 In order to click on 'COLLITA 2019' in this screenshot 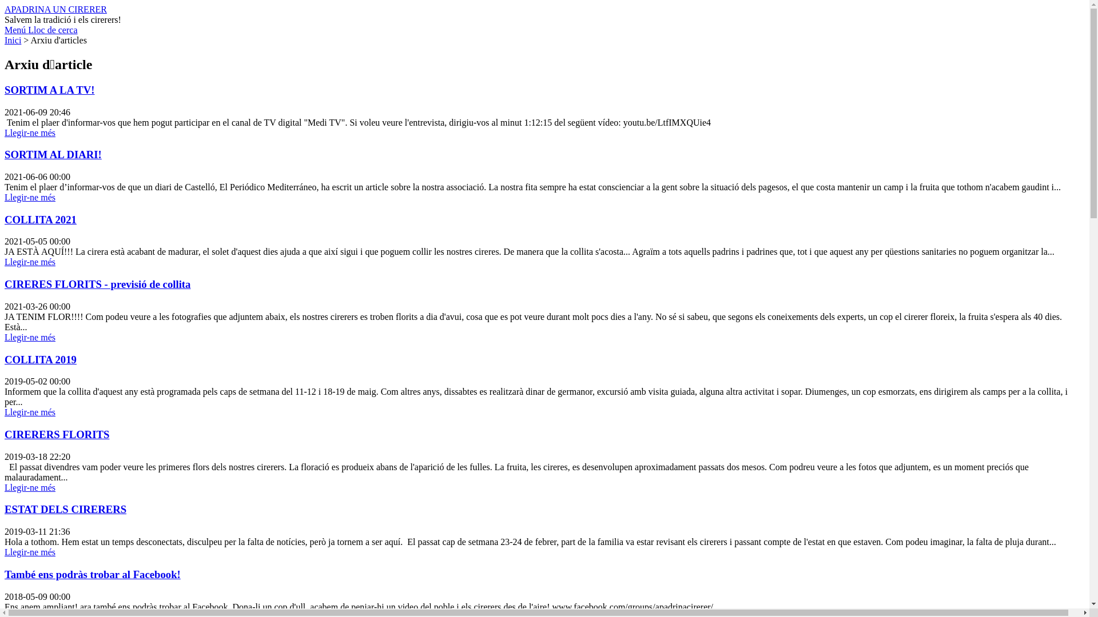, I will do `click(41, 359)`.